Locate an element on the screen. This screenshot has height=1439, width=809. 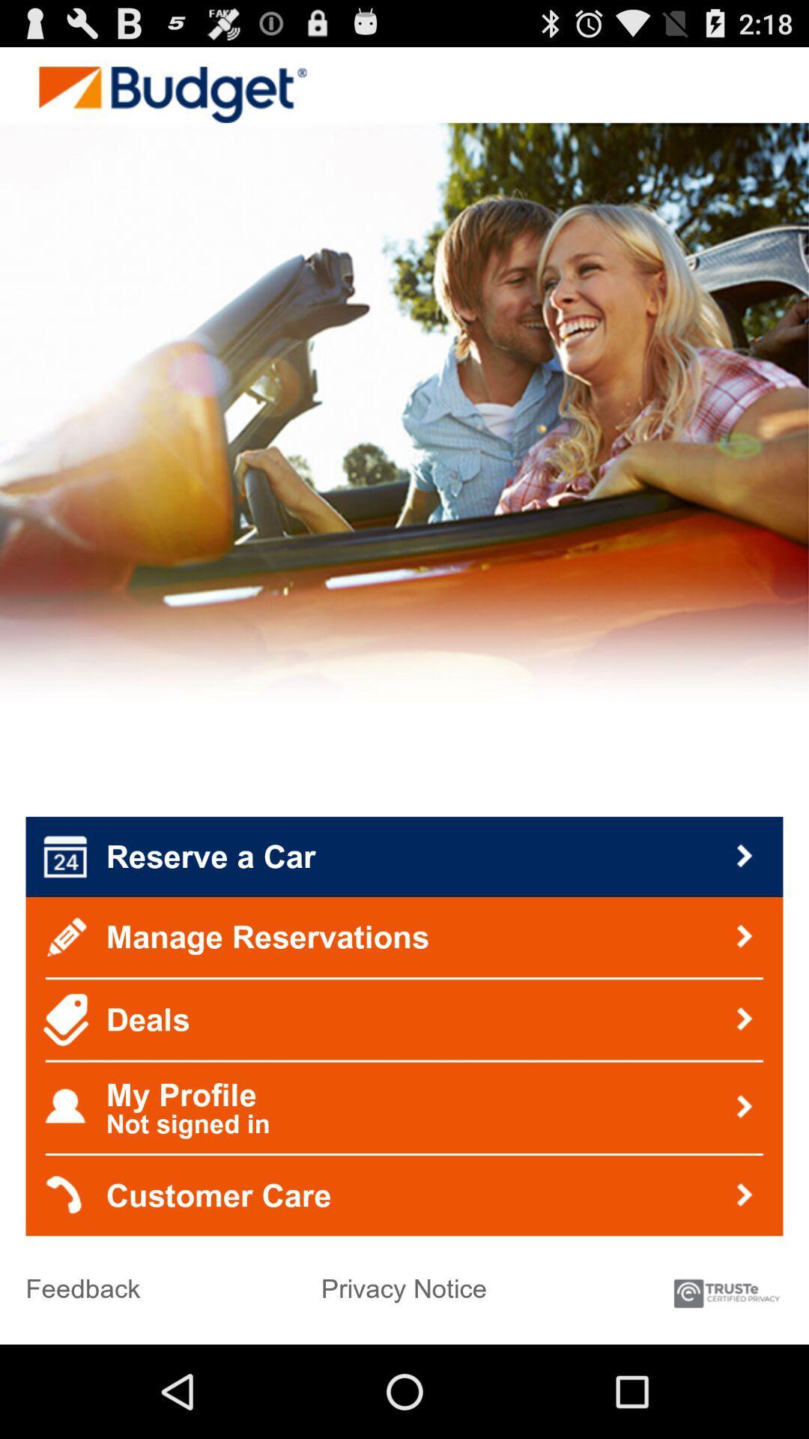
the privacy notice is located at coordinates (403, 1282).